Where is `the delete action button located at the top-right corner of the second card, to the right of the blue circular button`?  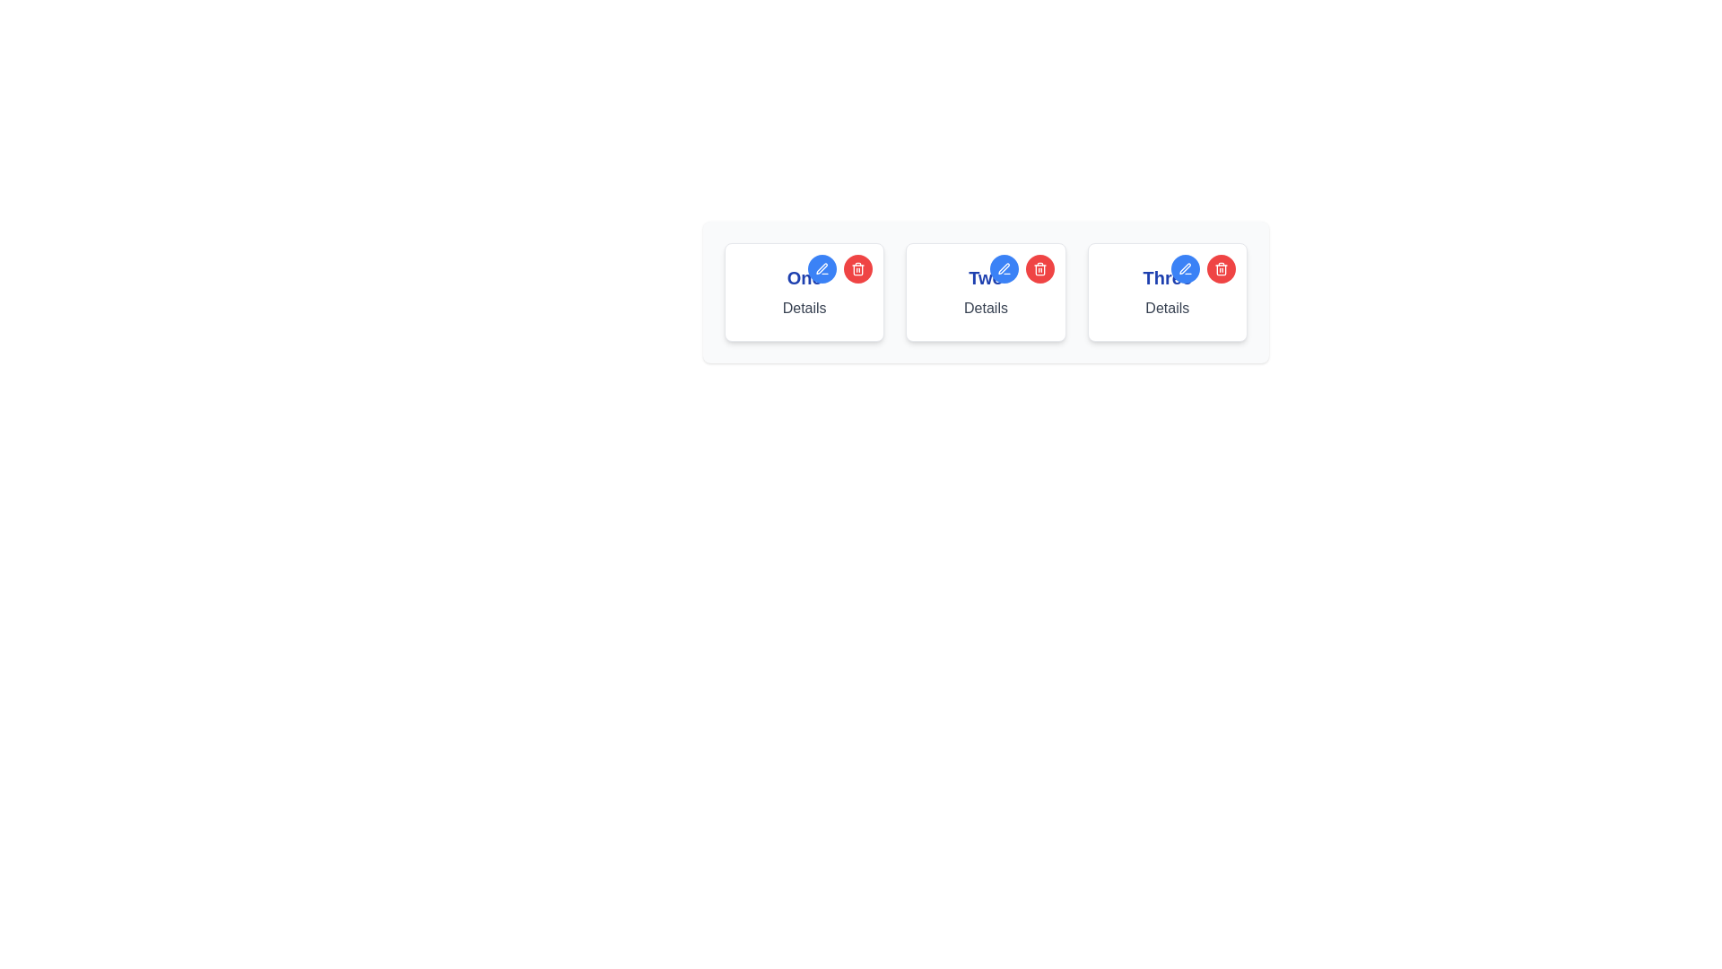 the delete action button located at the top-right corner of the second card, to the right of the blue circular button is located at coordinates (1039, 269).